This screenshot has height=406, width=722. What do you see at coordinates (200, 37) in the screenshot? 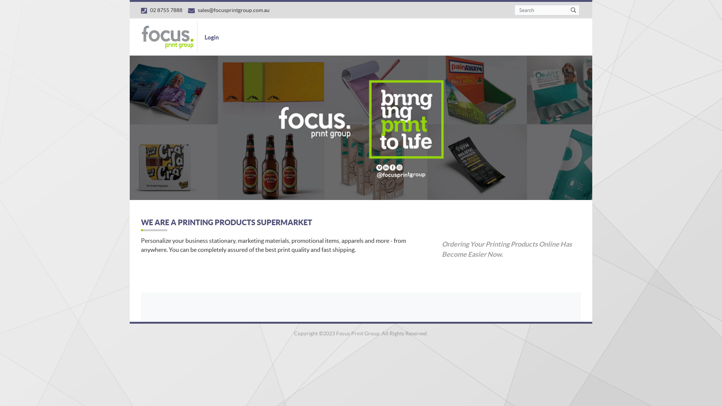
I see `'Login'` at bounding box center [200, 37].